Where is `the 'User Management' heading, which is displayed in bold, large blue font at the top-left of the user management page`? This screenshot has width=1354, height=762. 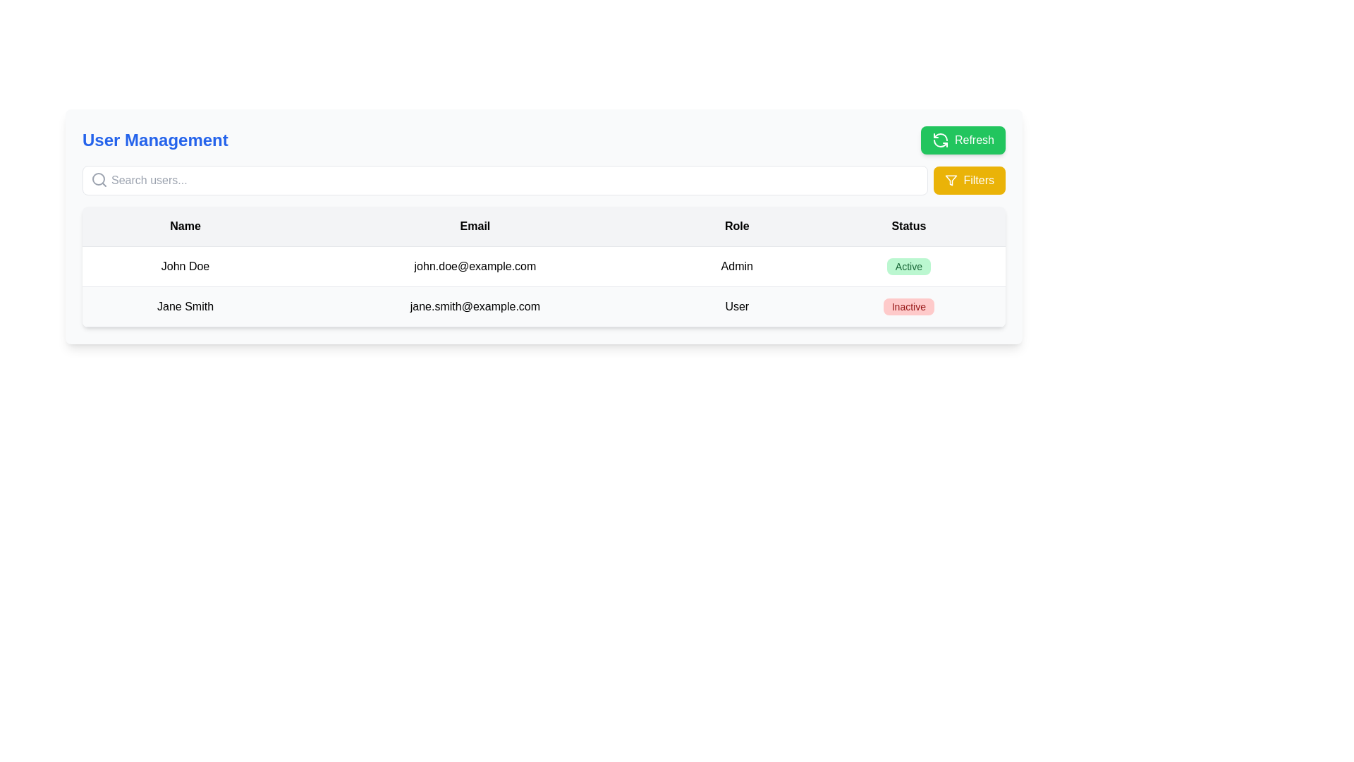
the 'User Management' heading, which is displayed in bold, large blue font at the top-left of the user management page is located at coordinates (155, 140).